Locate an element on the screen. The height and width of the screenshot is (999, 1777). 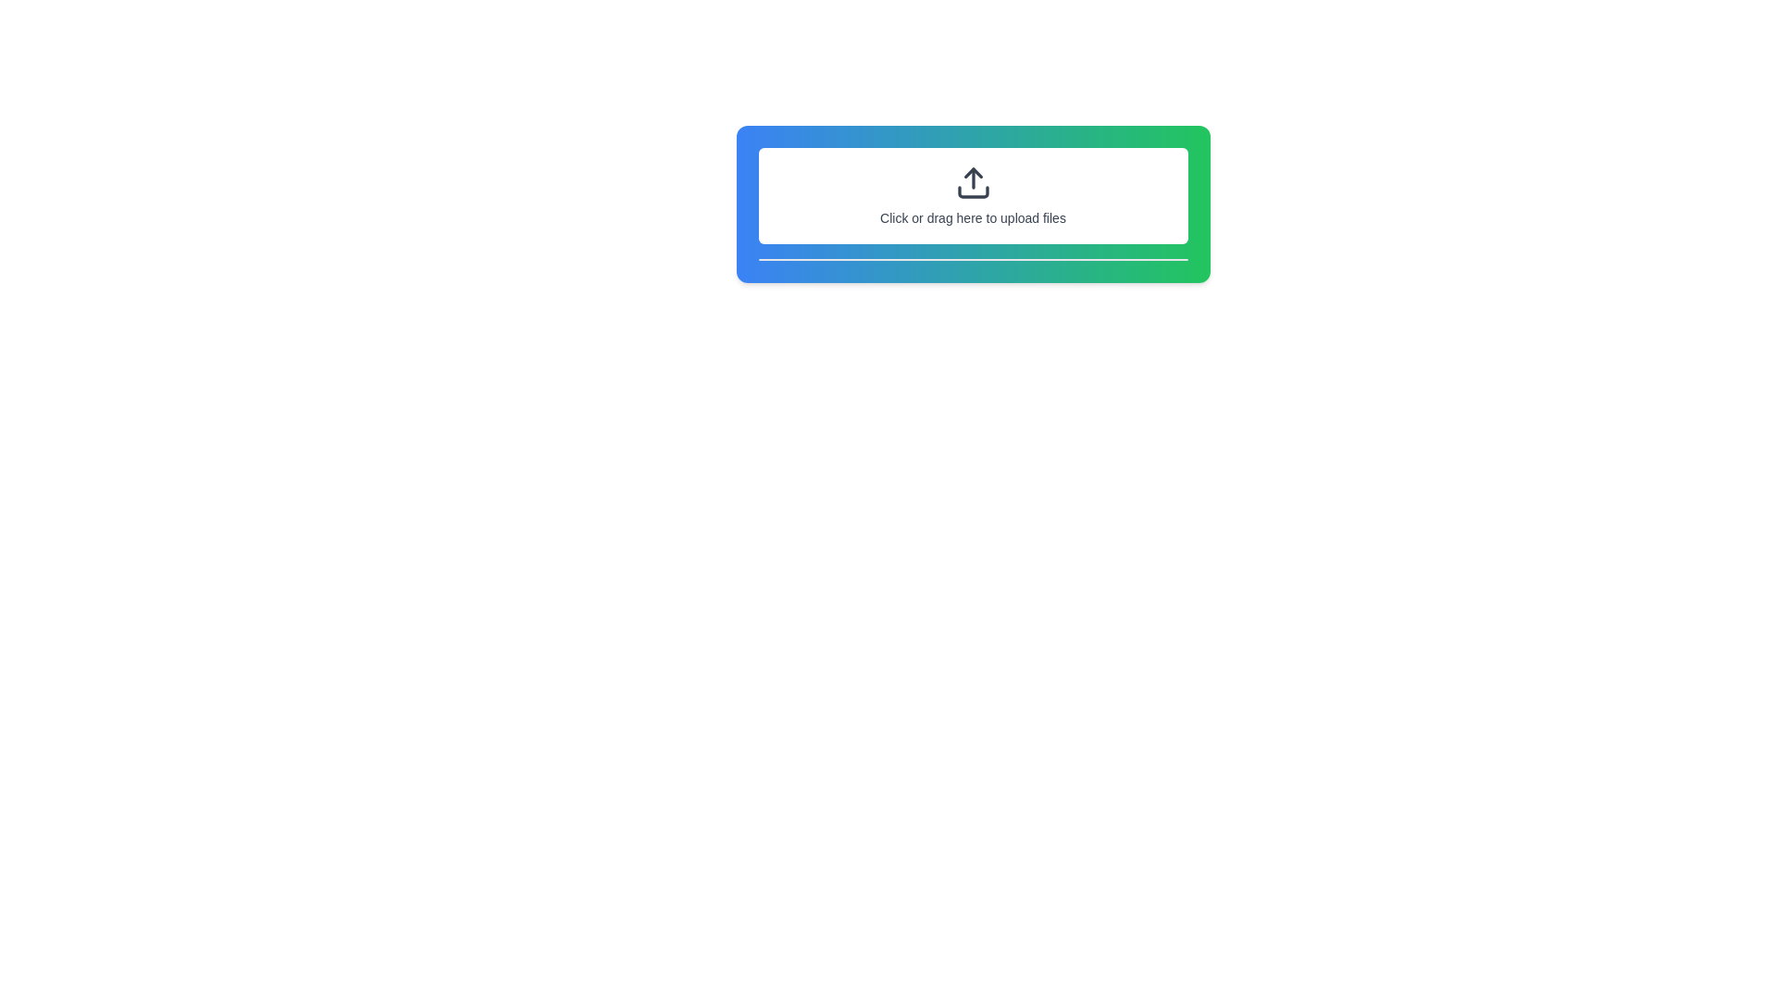
the arrowhead icon representing the upload action, which is part of an SVG group with a gradient blue-to-green border is located at coordinates (972, 173).